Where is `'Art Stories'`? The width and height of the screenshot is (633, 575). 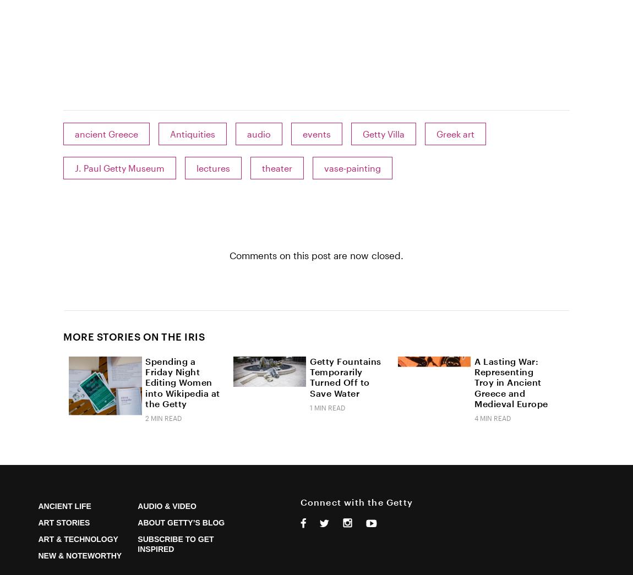
'Art Stories' is located at coordinates (63, 521).